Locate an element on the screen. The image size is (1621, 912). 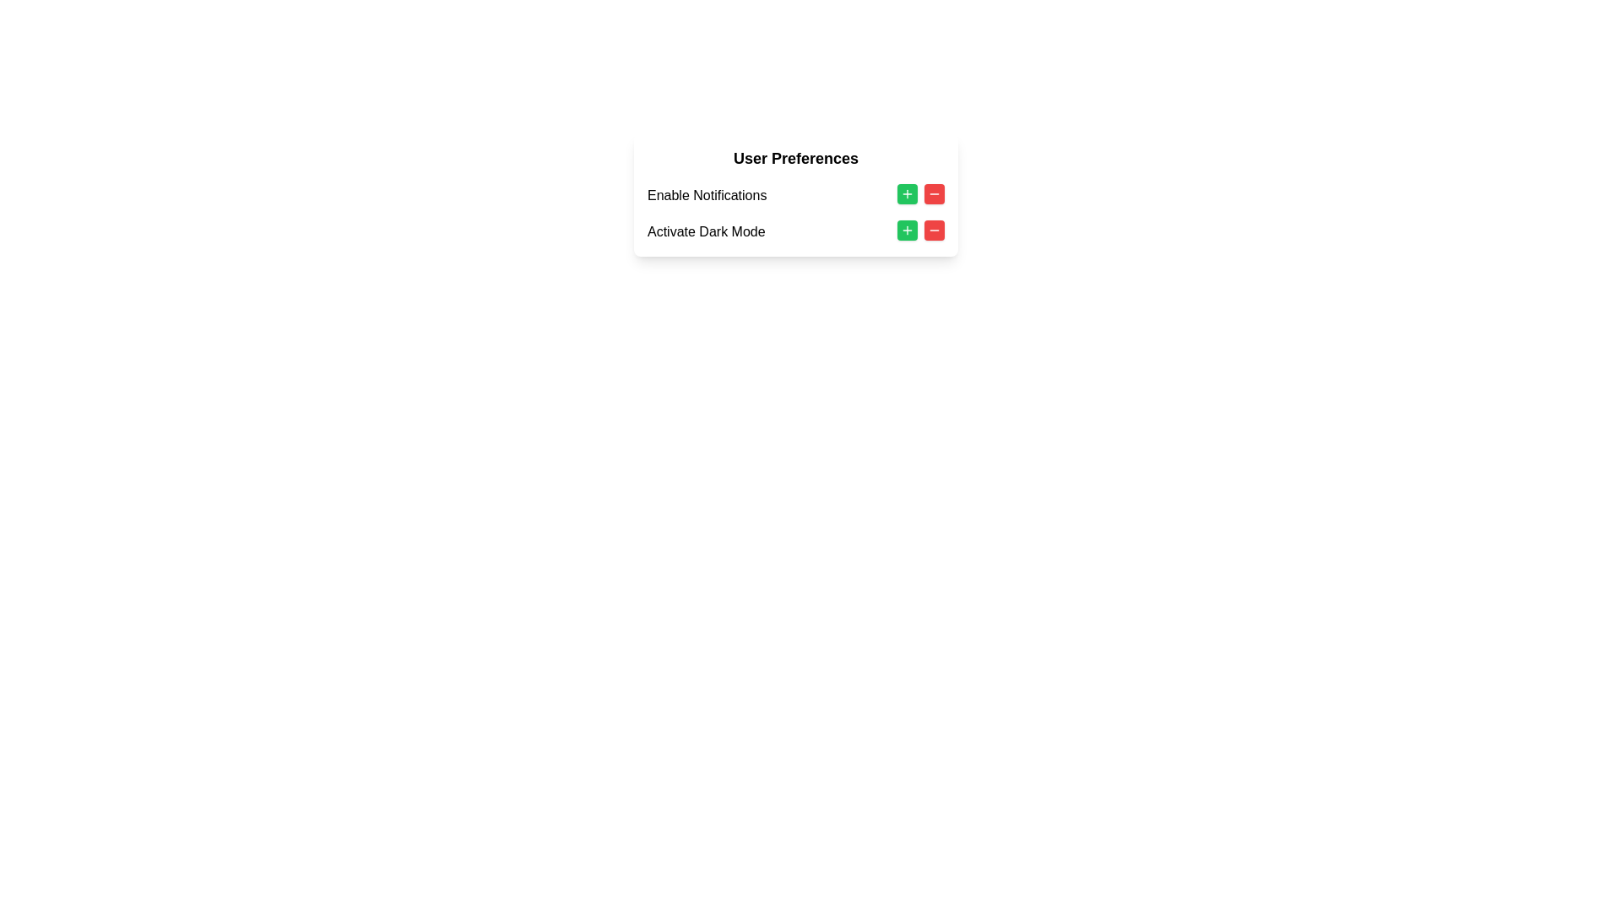
the red circular minus button with a minus icon is located at coordinates (934, 231).